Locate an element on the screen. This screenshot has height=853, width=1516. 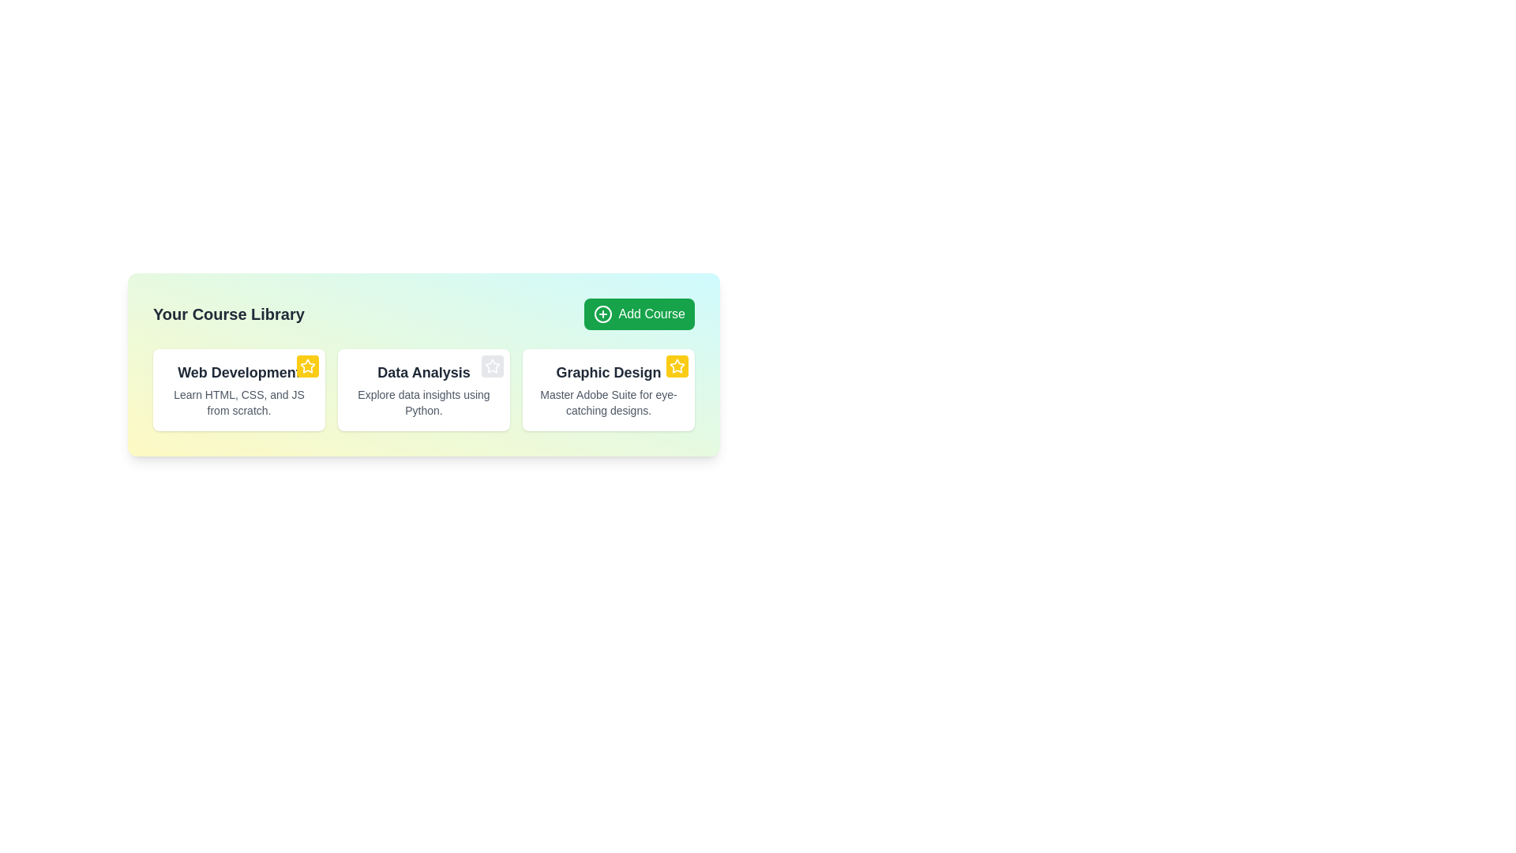
the button in the top-right corner of the 'Data Analysis' card to interact with it is located at coordinates (492, 366).